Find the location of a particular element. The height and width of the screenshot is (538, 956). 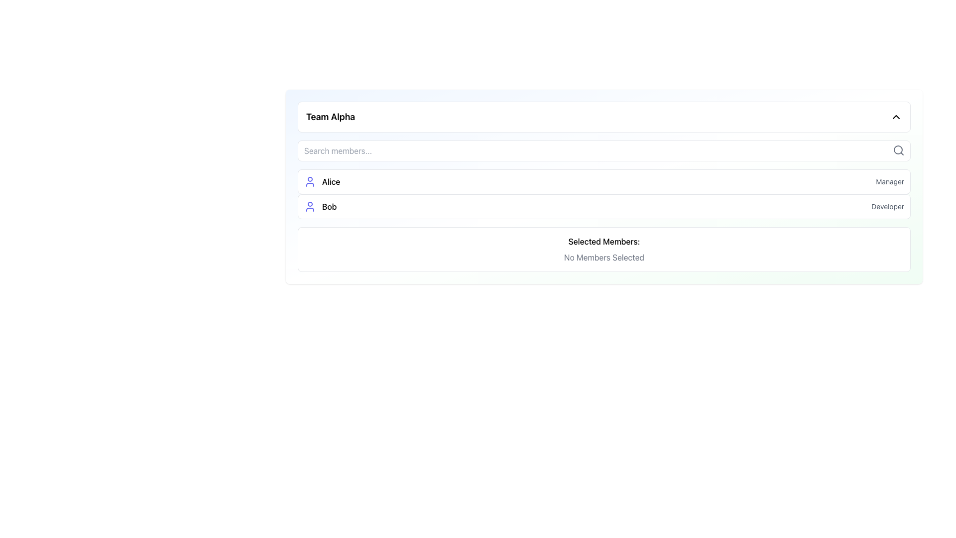

the Text Label displaying the role 'Developer' for the member named Bob, located in the 'Team Alpha' section, positioned to the far right of the 'Bob' entry is located at coordinates (888, 206).